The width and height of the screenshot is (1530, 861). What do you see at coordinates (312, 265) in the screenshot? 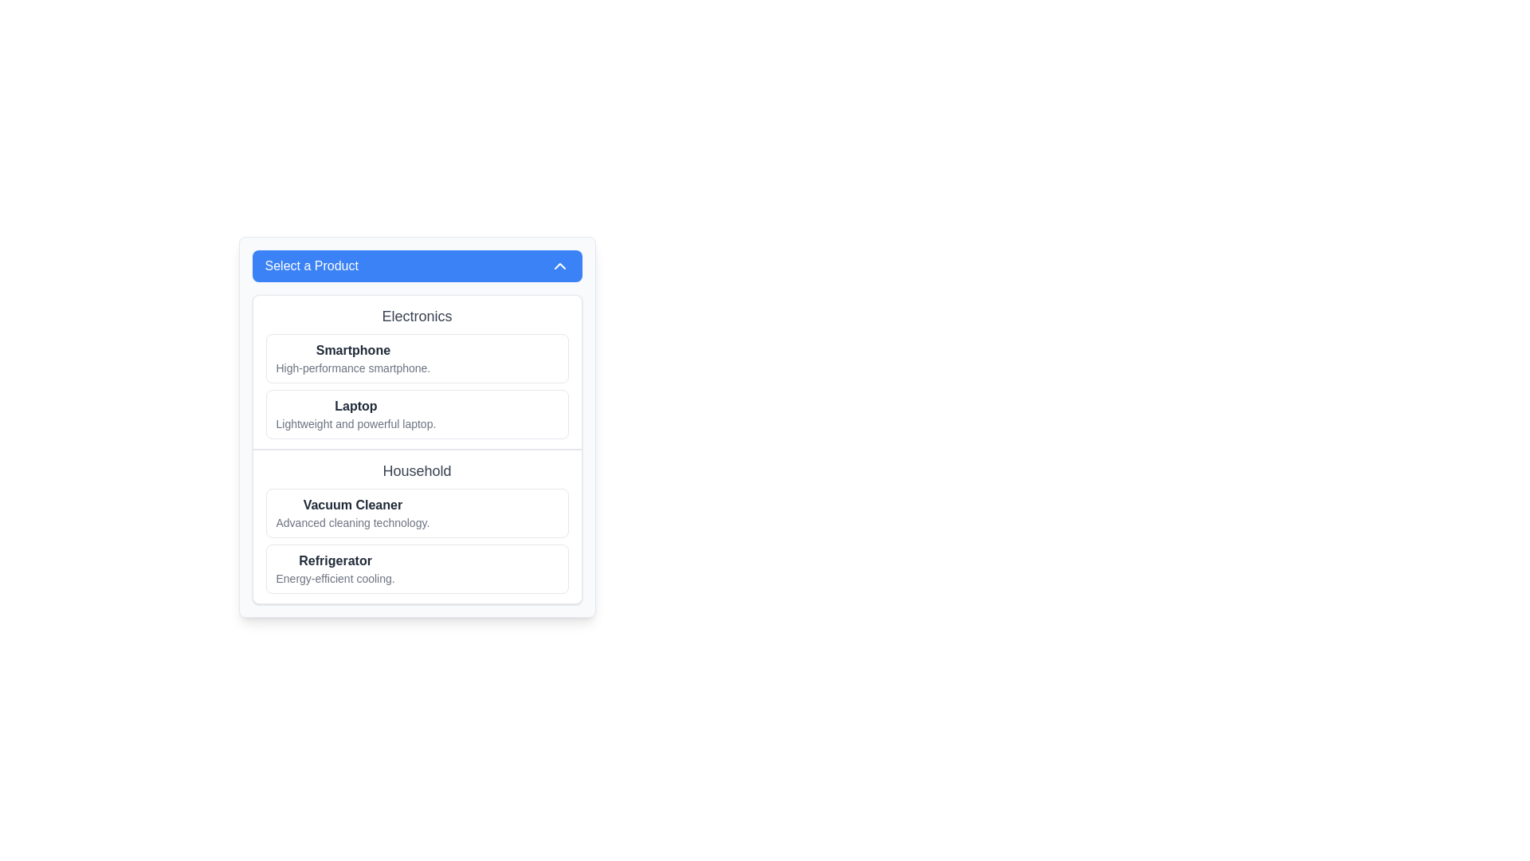
I see `the text label that indicates the purpose of the dropdown section, located near the top of the dropdown menu and to the left of the arrow icon` at bounding box center [312, 265].